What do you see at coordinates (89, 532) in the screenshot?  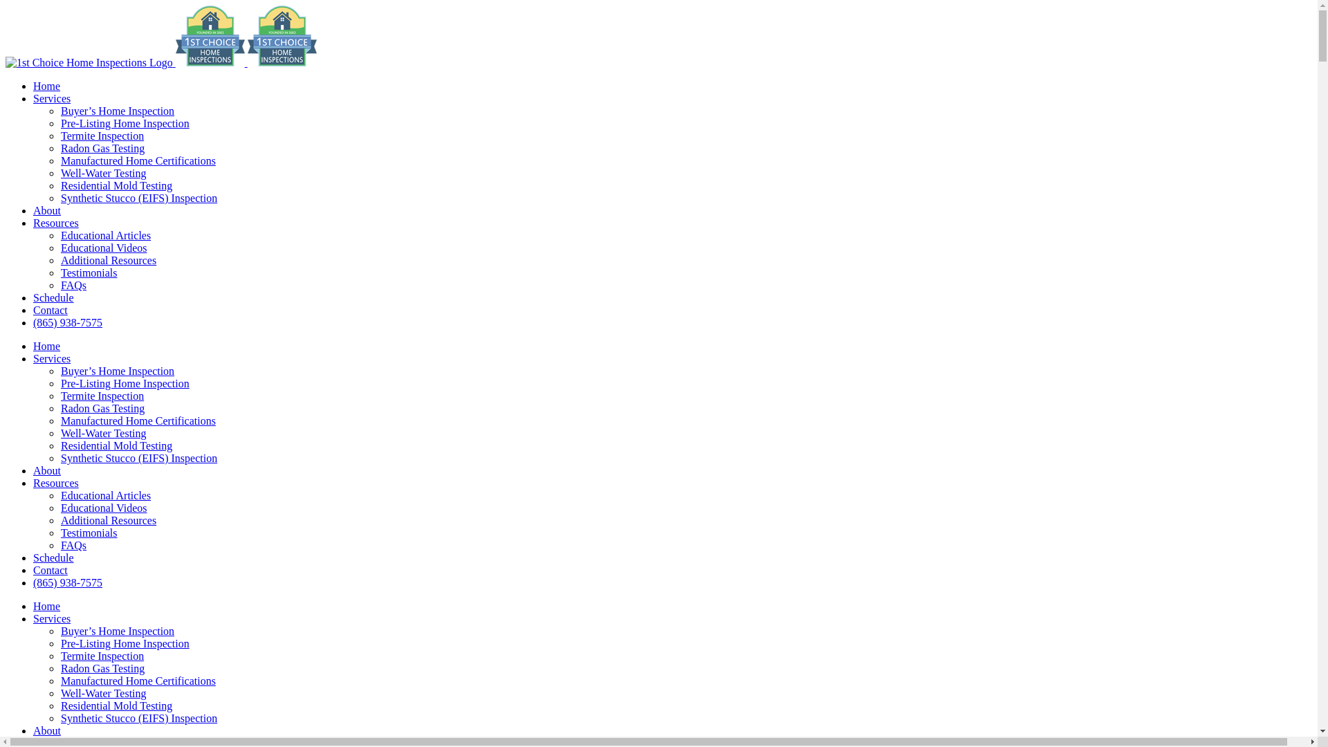 I see `'Testimonials'` at bounding box center [89, 532].